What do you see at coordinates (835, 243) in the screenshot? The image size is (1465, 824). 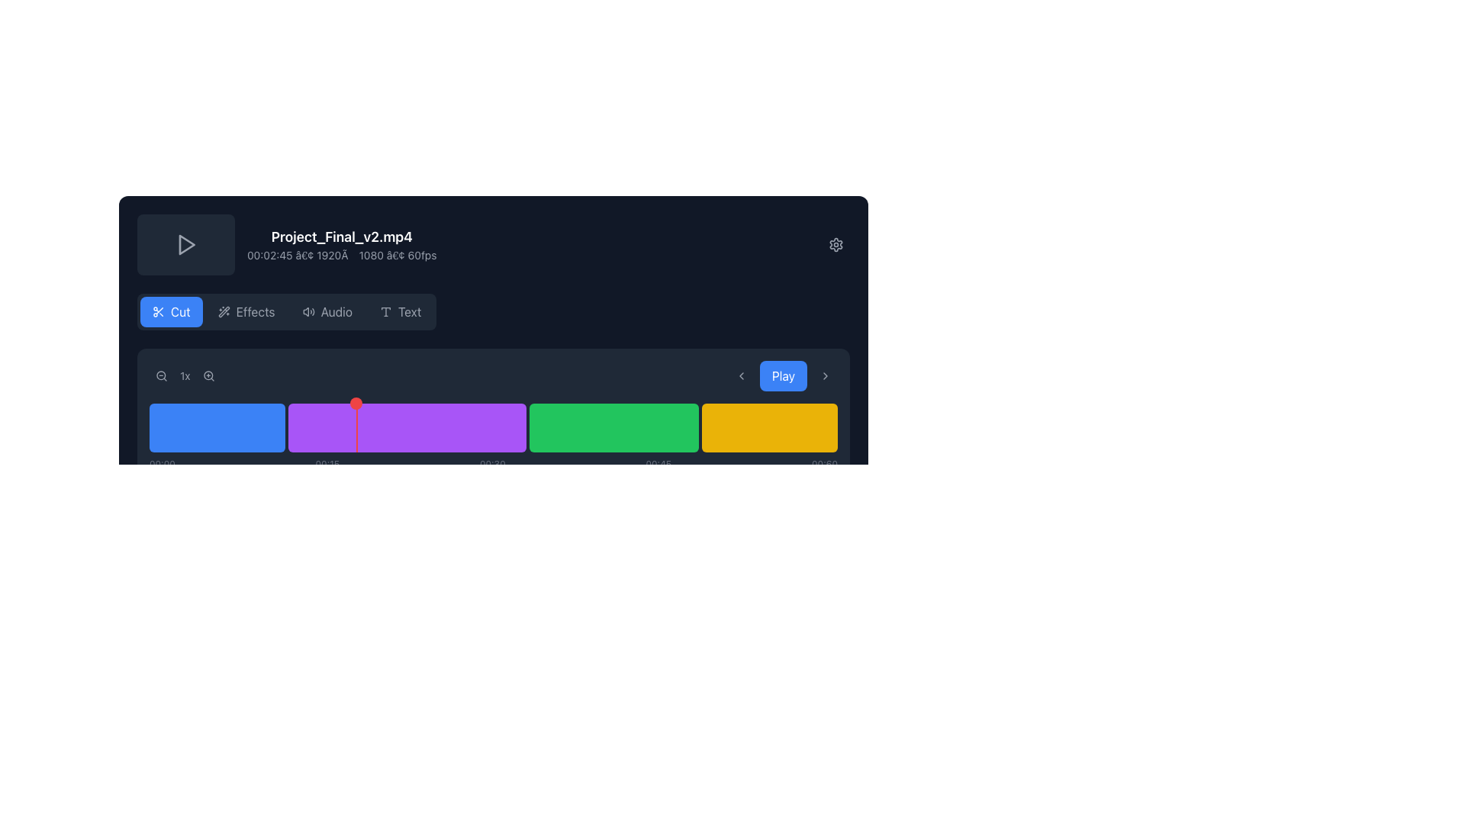 I see `the gear icon located in the top-right corner of the interface` at bounding box center [835, 243].